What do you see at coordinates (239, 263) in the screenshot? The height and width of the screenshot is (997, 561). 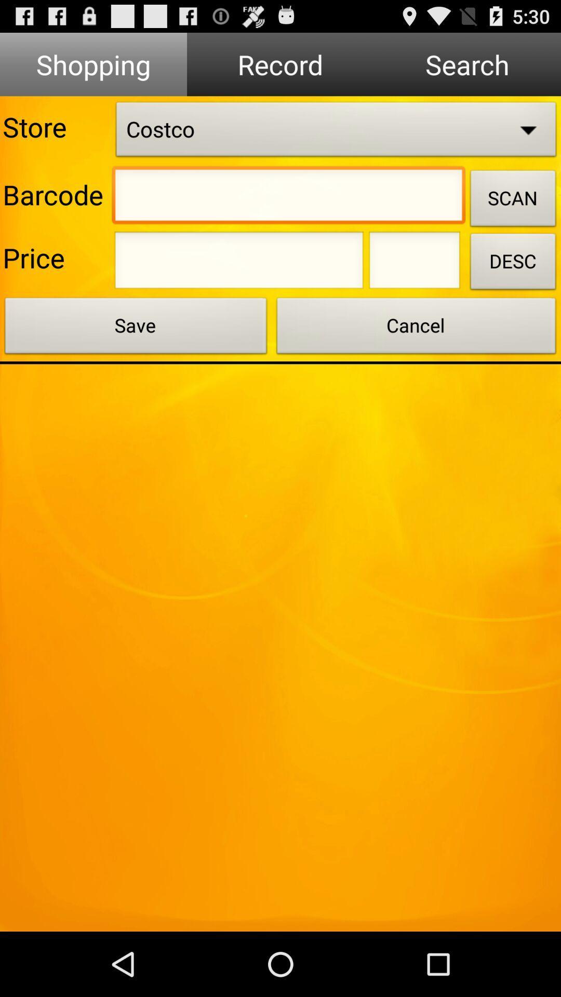 I see `price` at bounding box center [239, 263].